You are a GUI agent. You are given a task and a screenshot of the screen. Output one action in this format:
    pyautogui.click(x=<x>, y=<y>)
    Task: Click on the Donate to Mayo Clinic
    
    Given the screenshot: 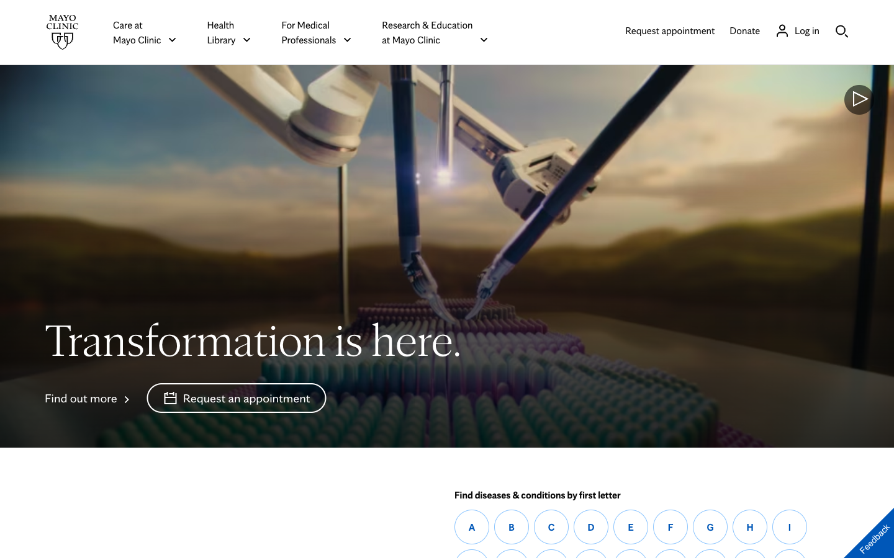 What is the action you would take?
    pyautogui.click(x=744, y=29)
    